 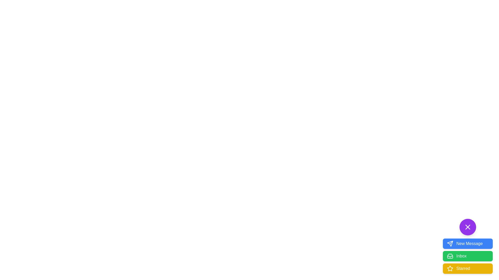 I want to click on the 'New Message' text label button, which is styled with white text on a blue background and located in the lower-right corner of the interface, so click(x=469, y=244).